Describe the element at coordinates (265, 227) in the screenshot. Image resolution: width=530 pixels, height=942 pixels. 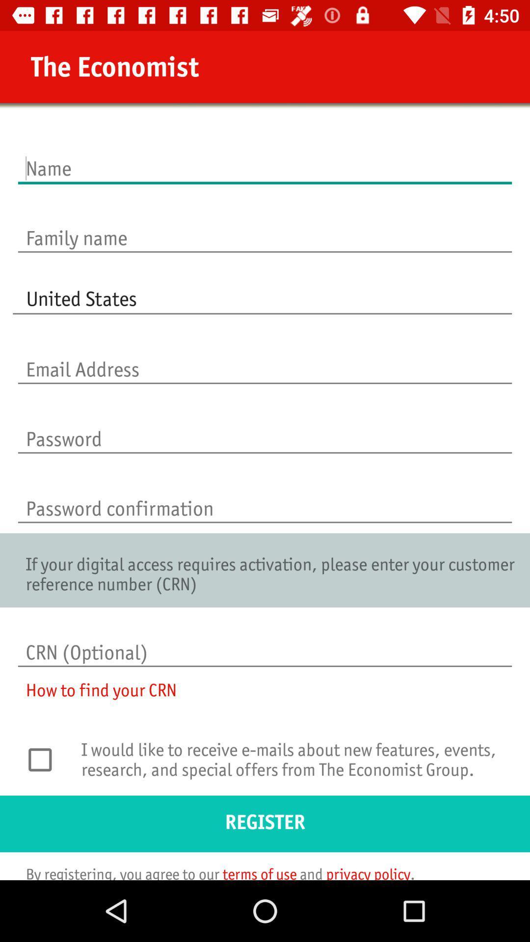
I see `type in family name` at that location.